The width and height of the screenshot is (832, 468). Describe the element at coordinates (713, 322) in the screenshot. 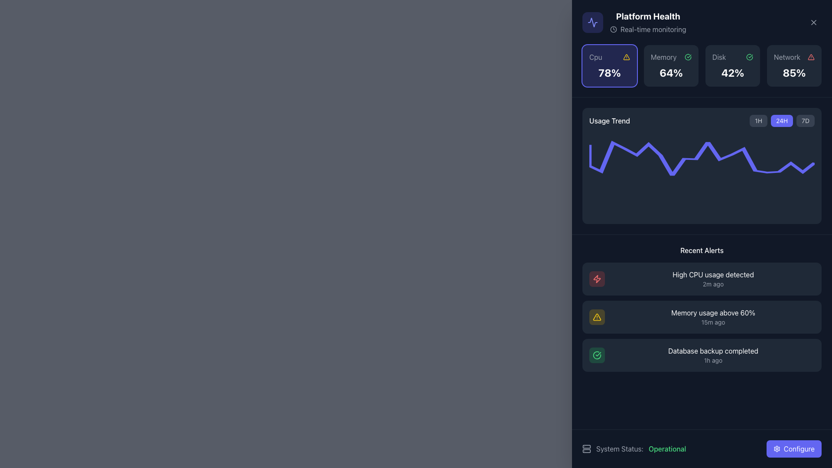

I see `the small text label displaying '15m ago' in gray color, positioned below the 'Memory usage above 60%' text within the alert box titled 'Memory usage above 60%.'` at that location.